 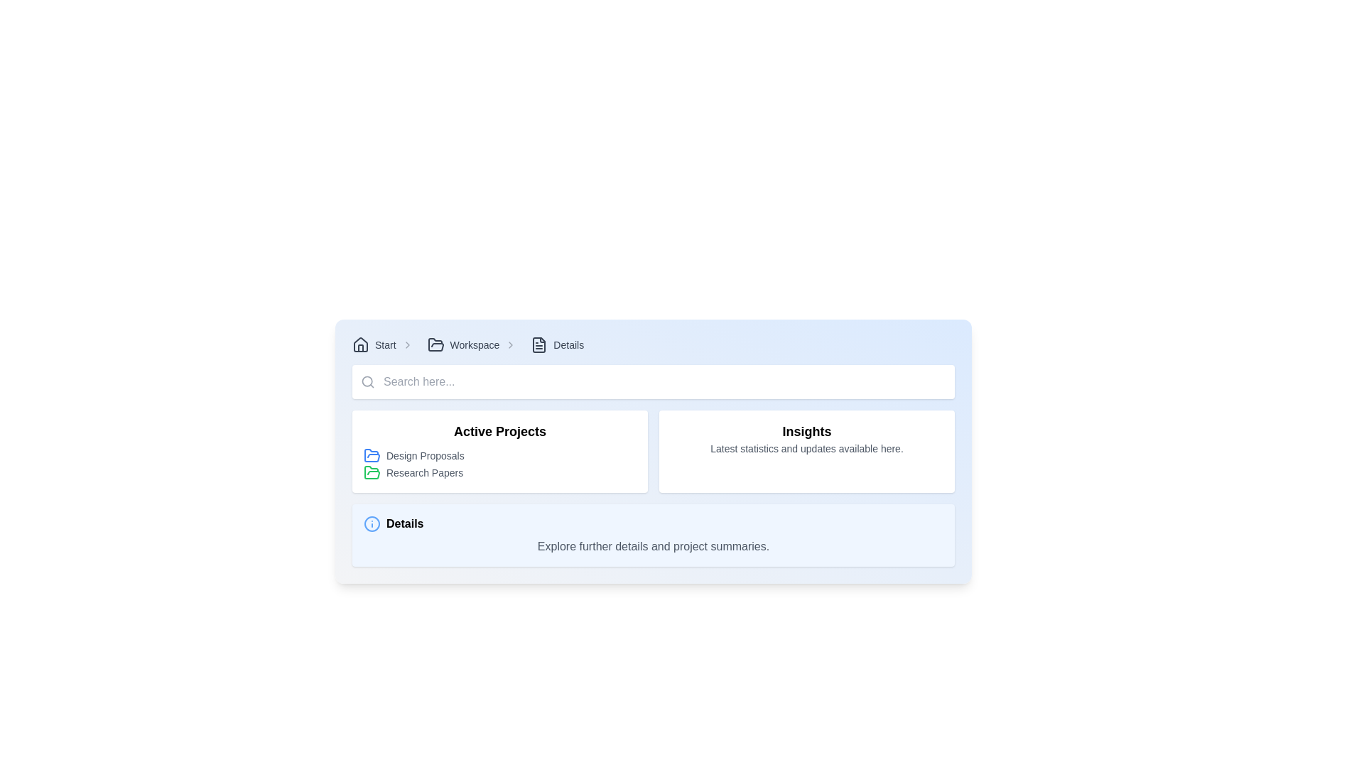 What do you see at coordinates (374, 345) in the screenshot?
I see `the interactive link with a house icon and the text 'Start'` at bounding box center [374, 345].